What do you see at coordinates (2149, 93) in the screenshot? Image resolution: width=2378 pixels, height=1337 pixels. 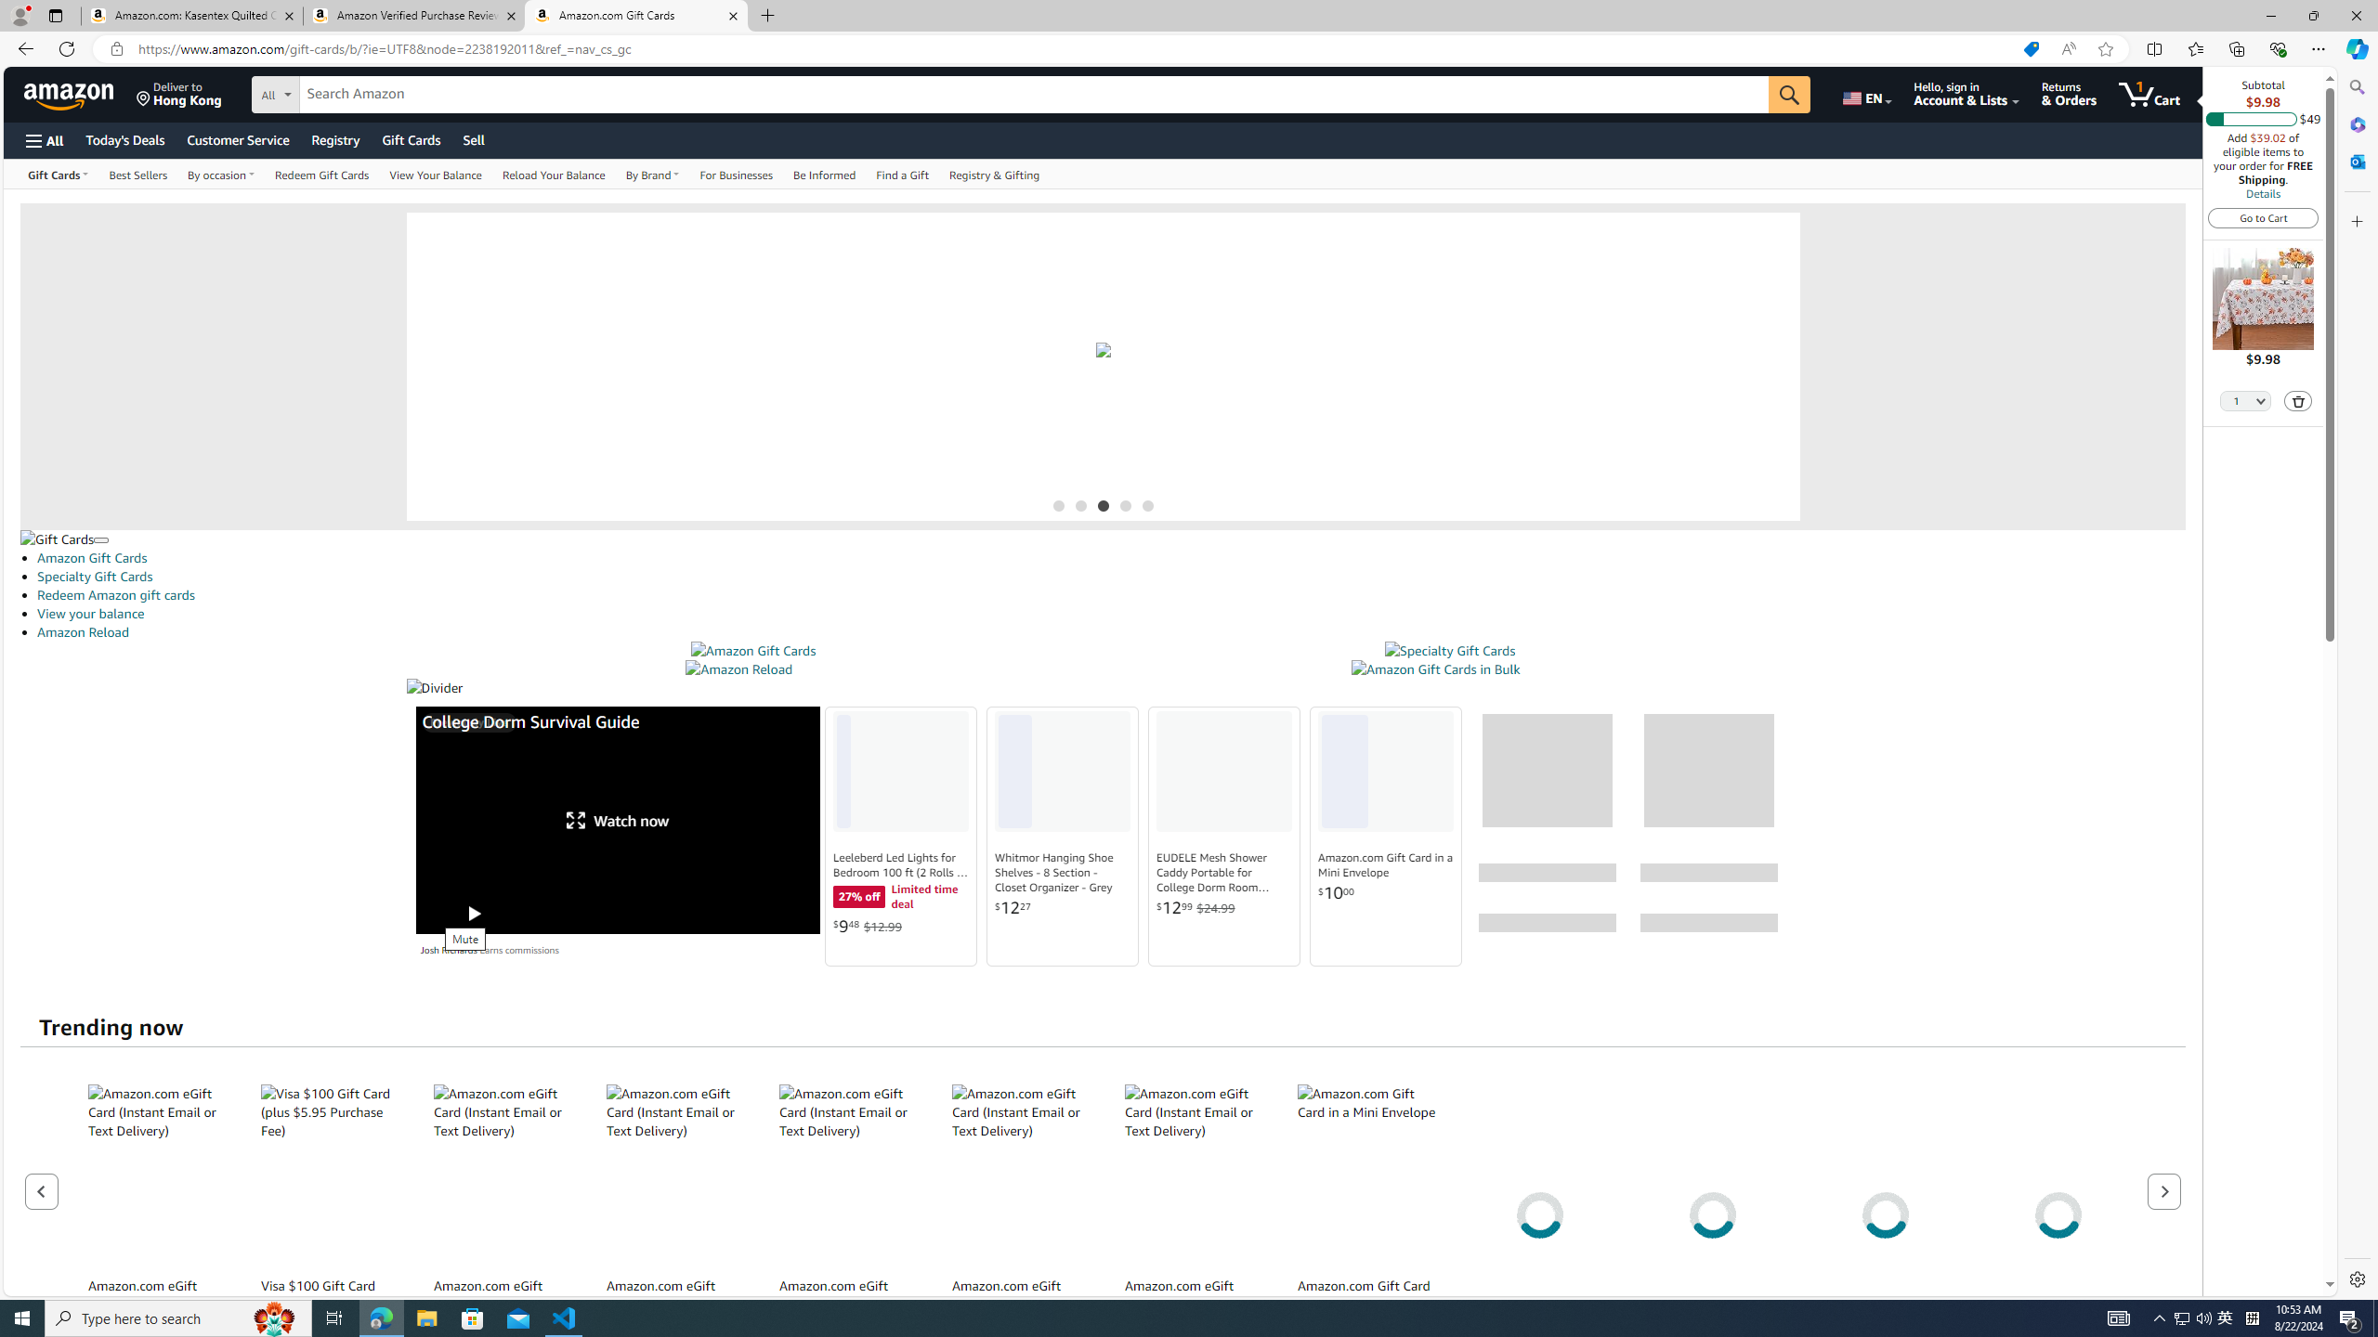 I see `'1 item in cart'` at bounding box center [2149, 93].